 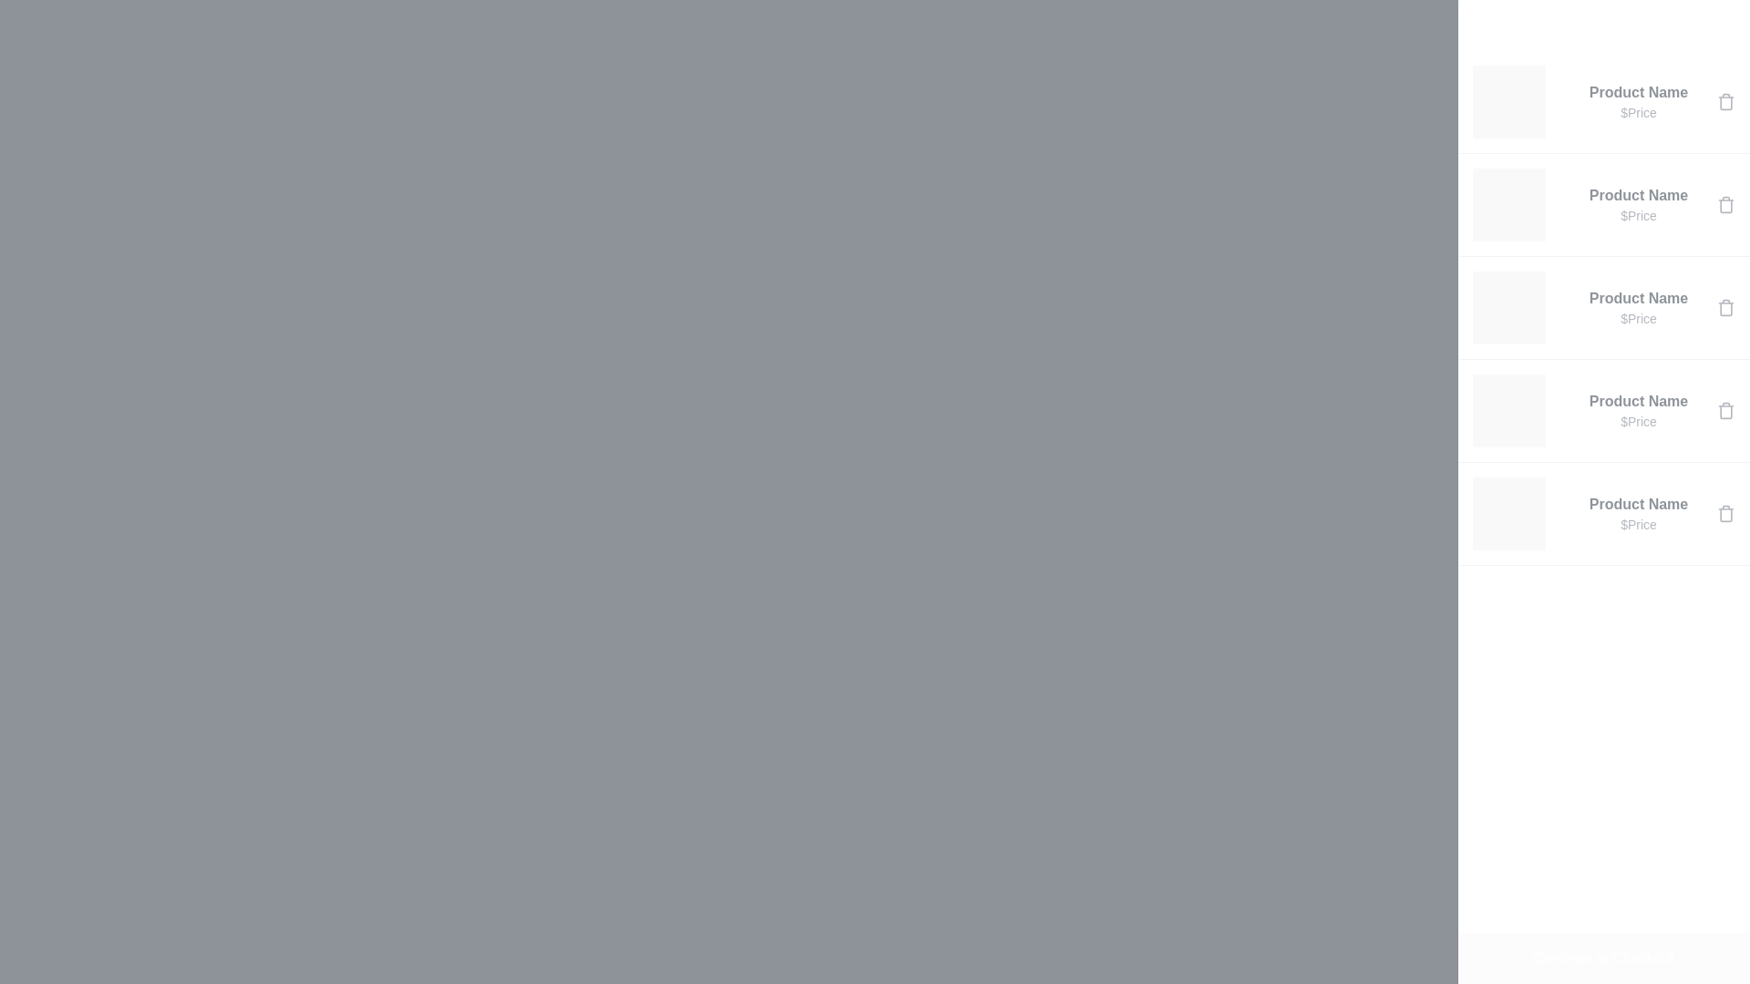 What do you see at coordinates (1725, 204) in the screenshot?
I see `the trash can icon located on the right side of the entry in the vertical list` at bounding box center [1725, 204].